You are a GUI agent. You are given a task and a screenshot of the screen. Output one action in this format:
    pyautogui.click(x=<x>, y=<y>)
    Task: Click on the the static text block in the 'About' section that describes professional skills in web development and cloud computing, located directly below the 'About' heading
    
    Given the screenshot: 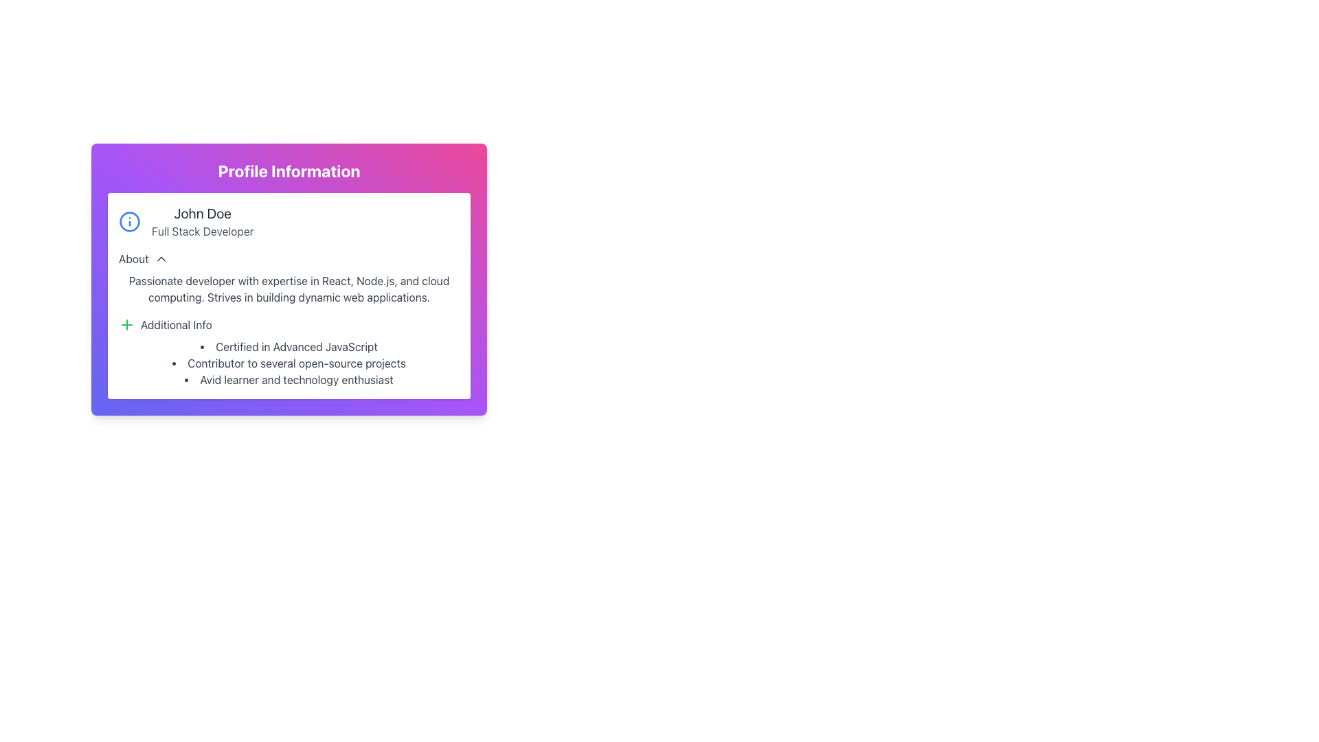 What is the action you would take?
    pyautogui.click(x=289, y=288)
    